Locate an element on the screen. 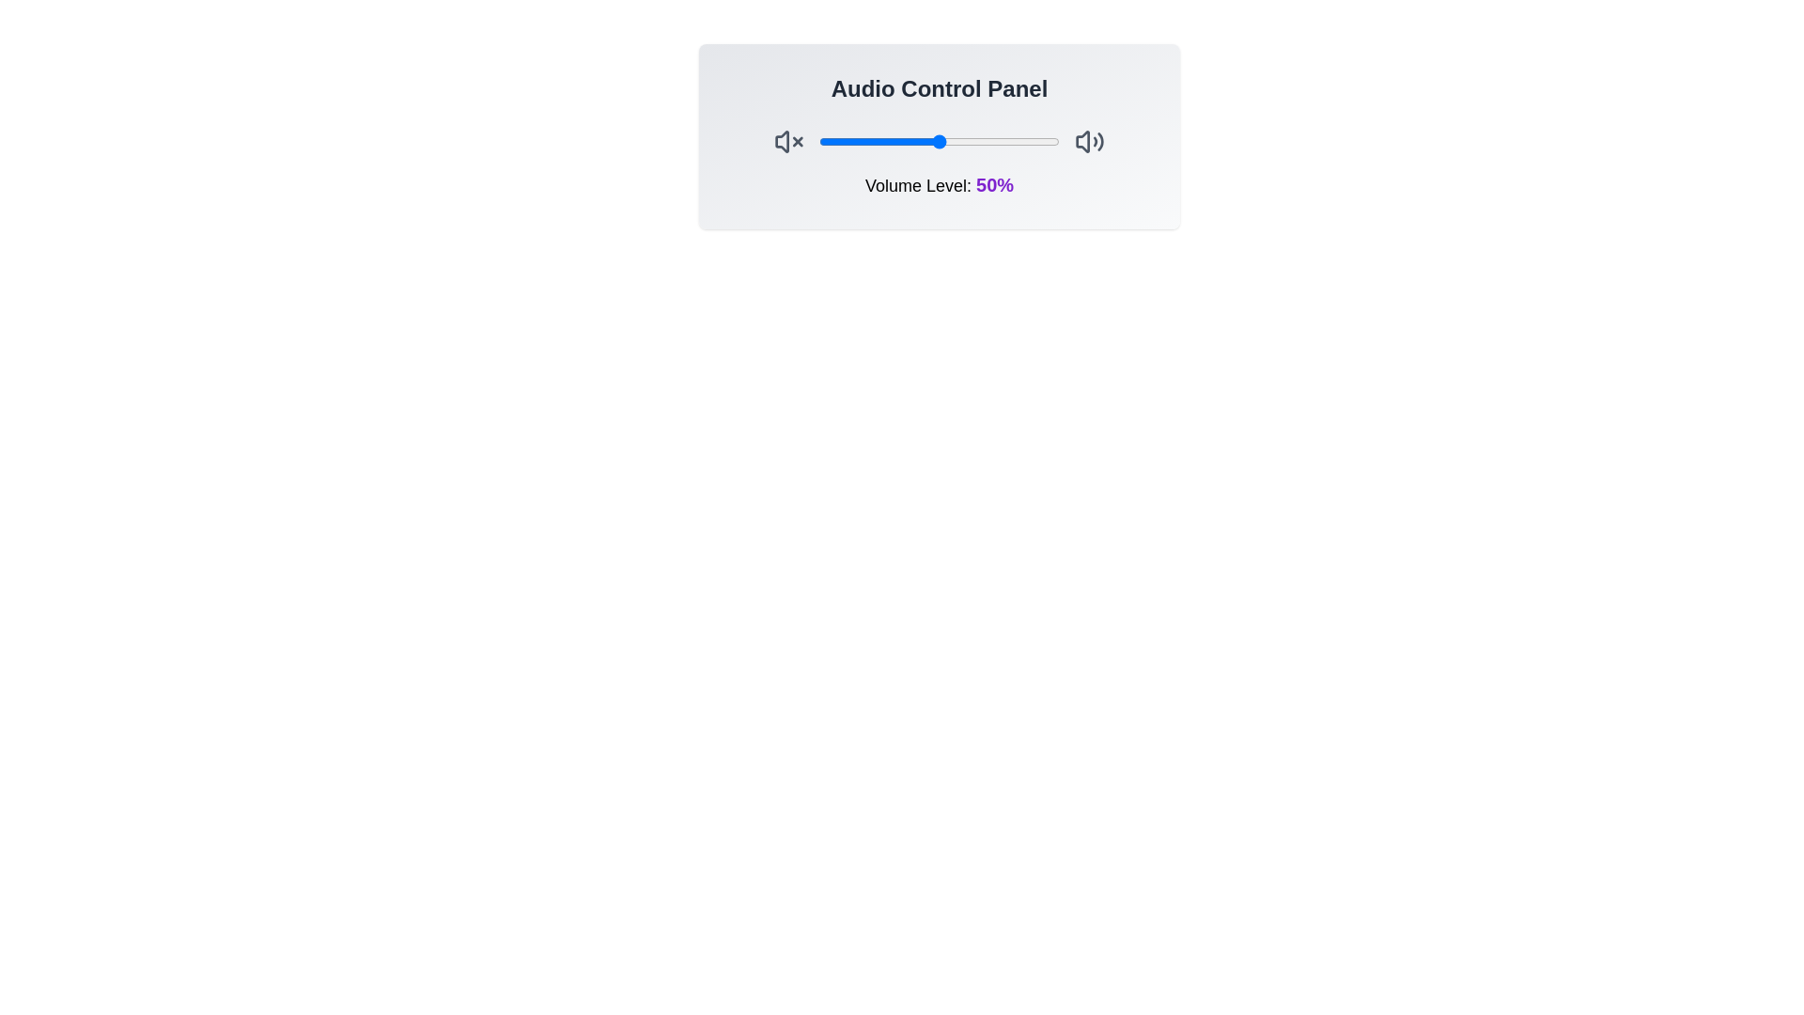 The height and width of the screenshot is (1015, 1804). volume is located at coordinates (956, 140).